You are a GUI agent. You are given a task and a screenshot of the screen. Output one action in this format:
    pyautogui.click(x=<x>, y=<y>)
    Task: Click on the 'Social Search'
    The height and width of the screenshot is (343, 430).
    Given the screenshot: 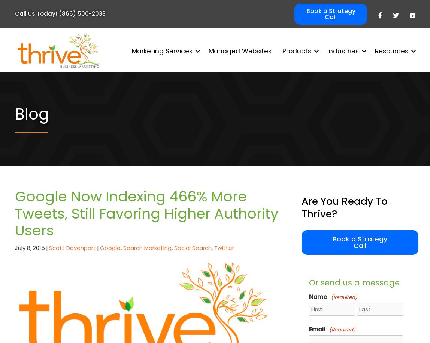 What is the action you would take?
    pyautogui.click(x=174, y=247)
    